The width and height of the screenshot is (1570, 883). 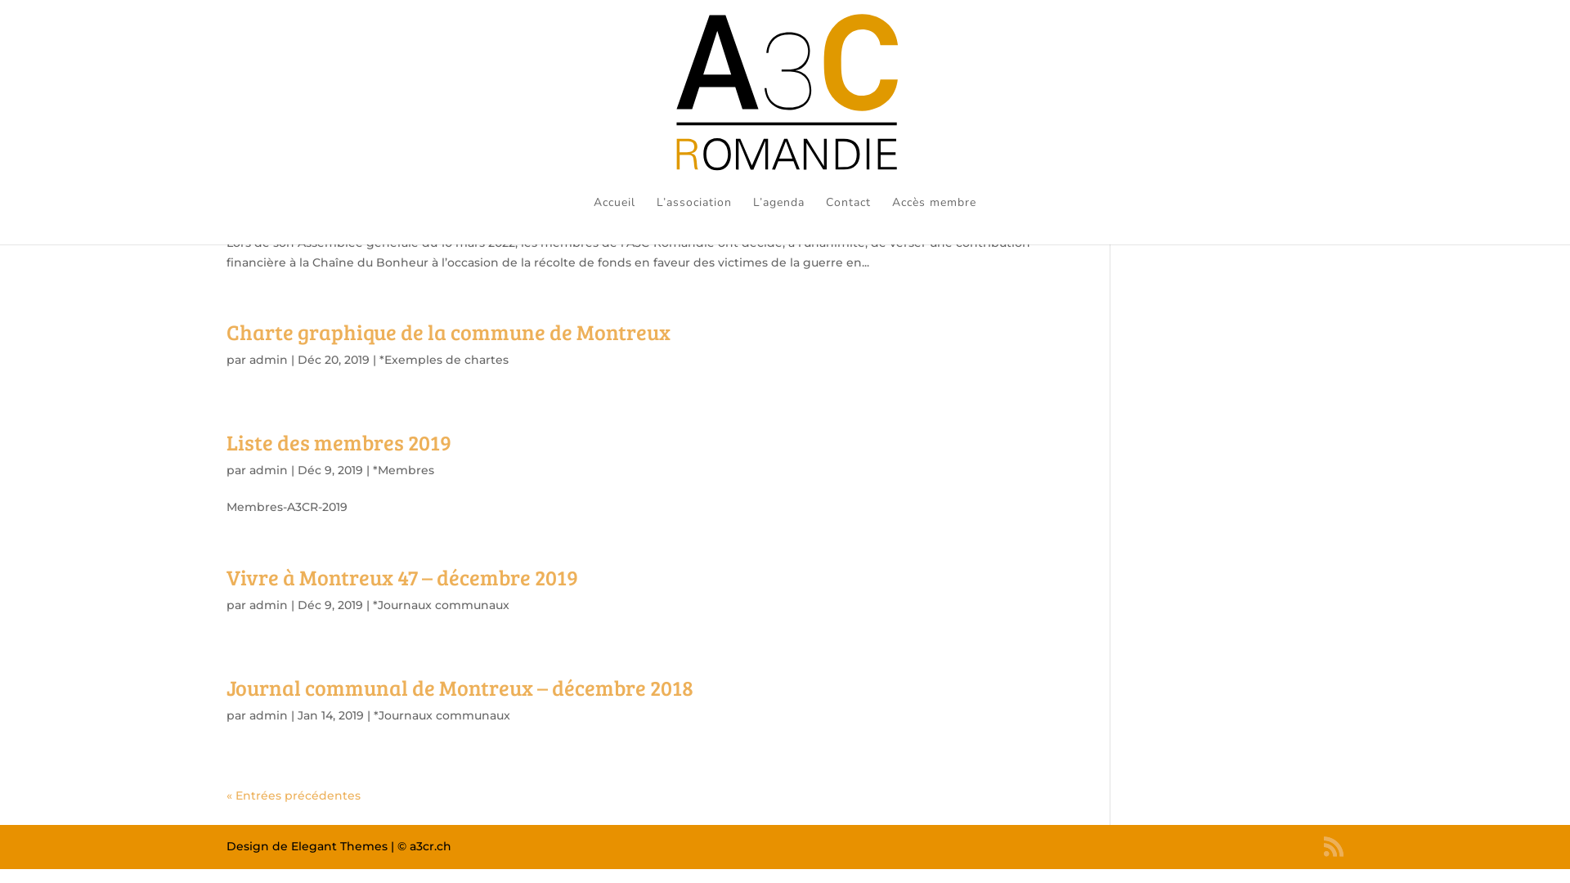 What do you see at coordinates (442, 715) in the screenshot?
I see `'*Journaux communaux'` at bounding box center [442, 715].